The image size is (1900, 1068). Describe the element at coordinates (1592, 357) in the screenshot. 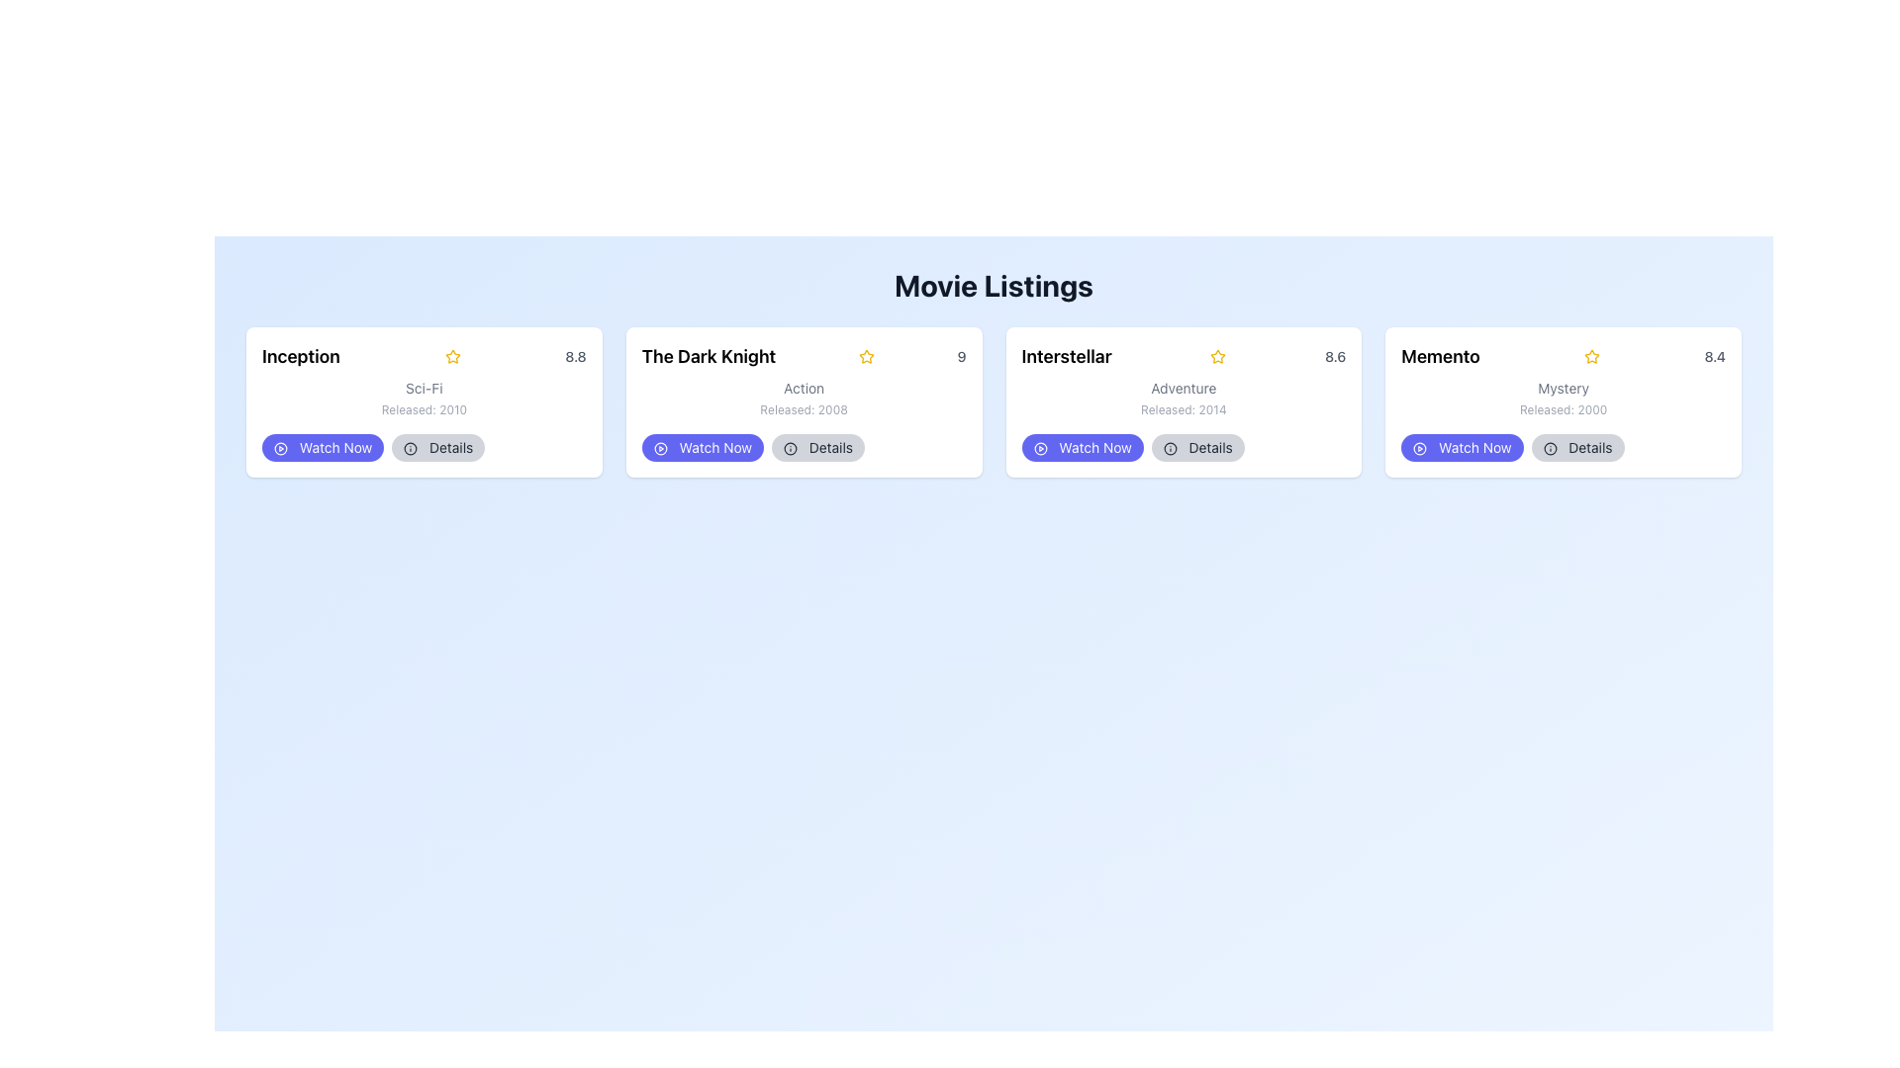

I see `the yellow outlined star icon filled with white, located adjacent to the movie title 'Memento' and before the rating score '8.4', positioned in the fourth card of the movie listings grid` at that location.